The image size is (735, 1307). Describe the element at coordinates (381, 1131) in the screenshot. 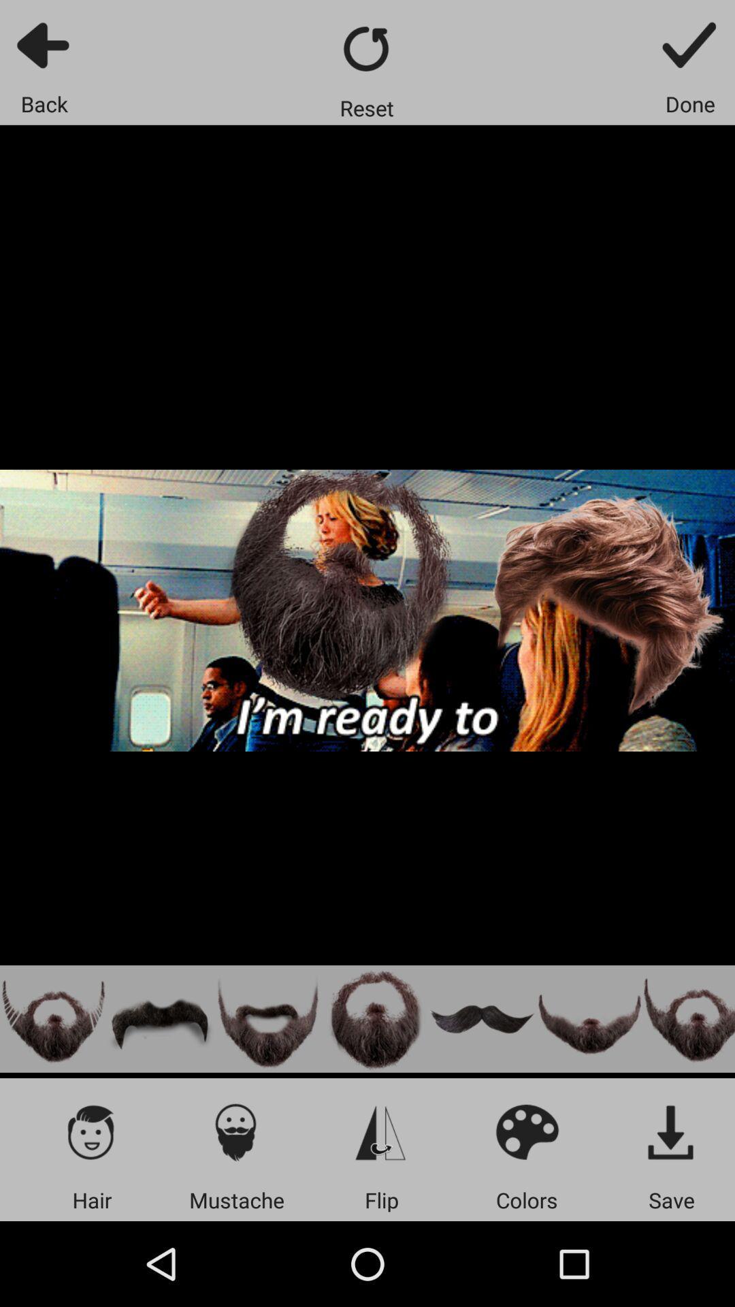

I see `flip picture` at that location.